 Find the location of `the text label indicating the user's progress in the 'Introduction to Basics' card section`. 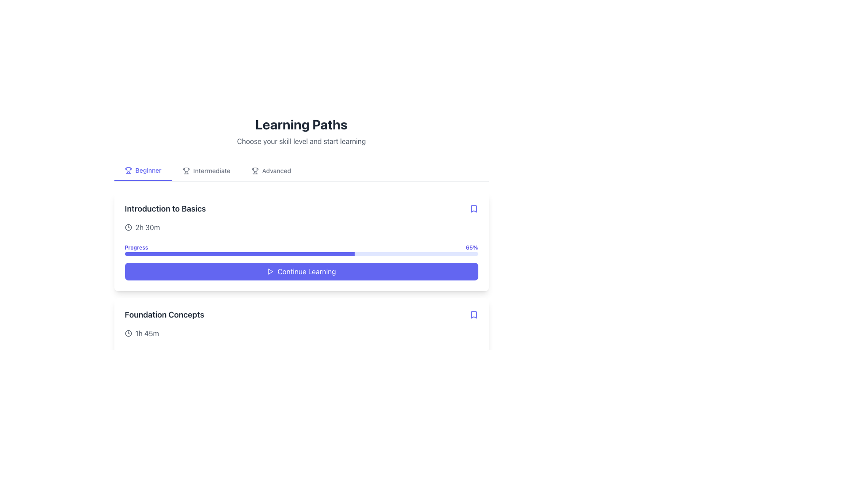

the text label indicating the user's progress in the 'Introduction to Basics' card section is located at coordinates (136, 247).